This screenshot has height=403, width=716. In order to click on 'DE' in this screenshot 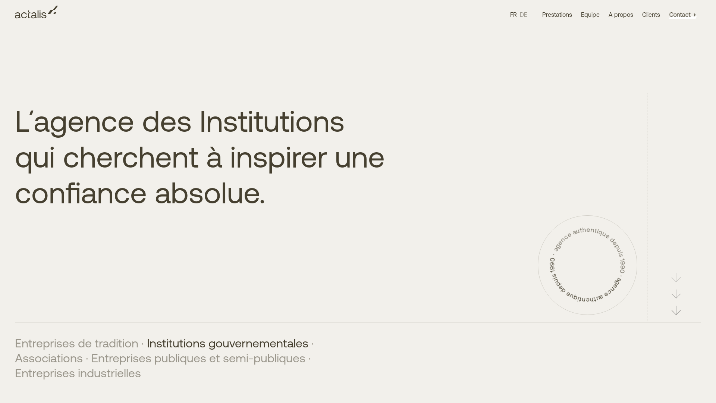, I will do `click(523, 15)`.